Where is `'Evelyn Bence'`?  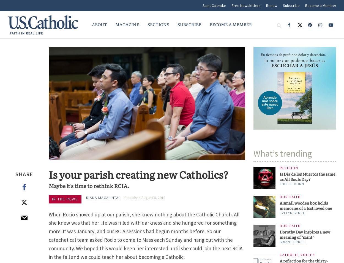
'Evelyn Bence' is located at coordinates (292, 213).